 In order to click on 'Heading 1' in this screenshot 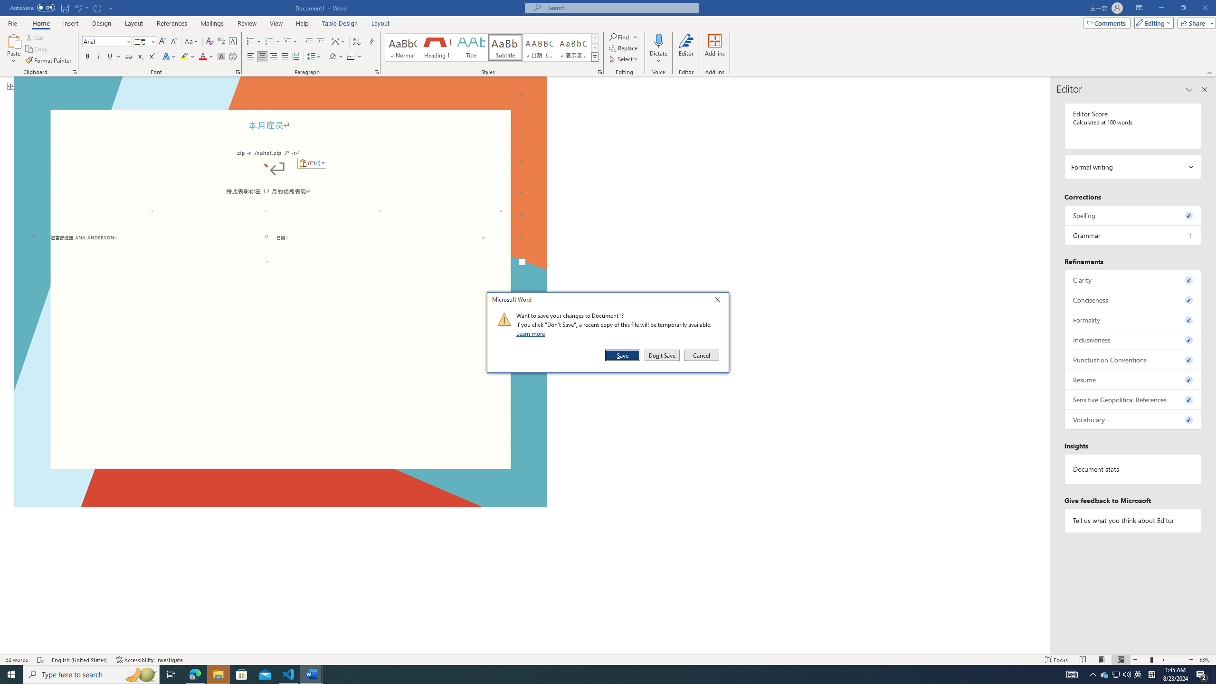, I will do `click(436, 47)`.